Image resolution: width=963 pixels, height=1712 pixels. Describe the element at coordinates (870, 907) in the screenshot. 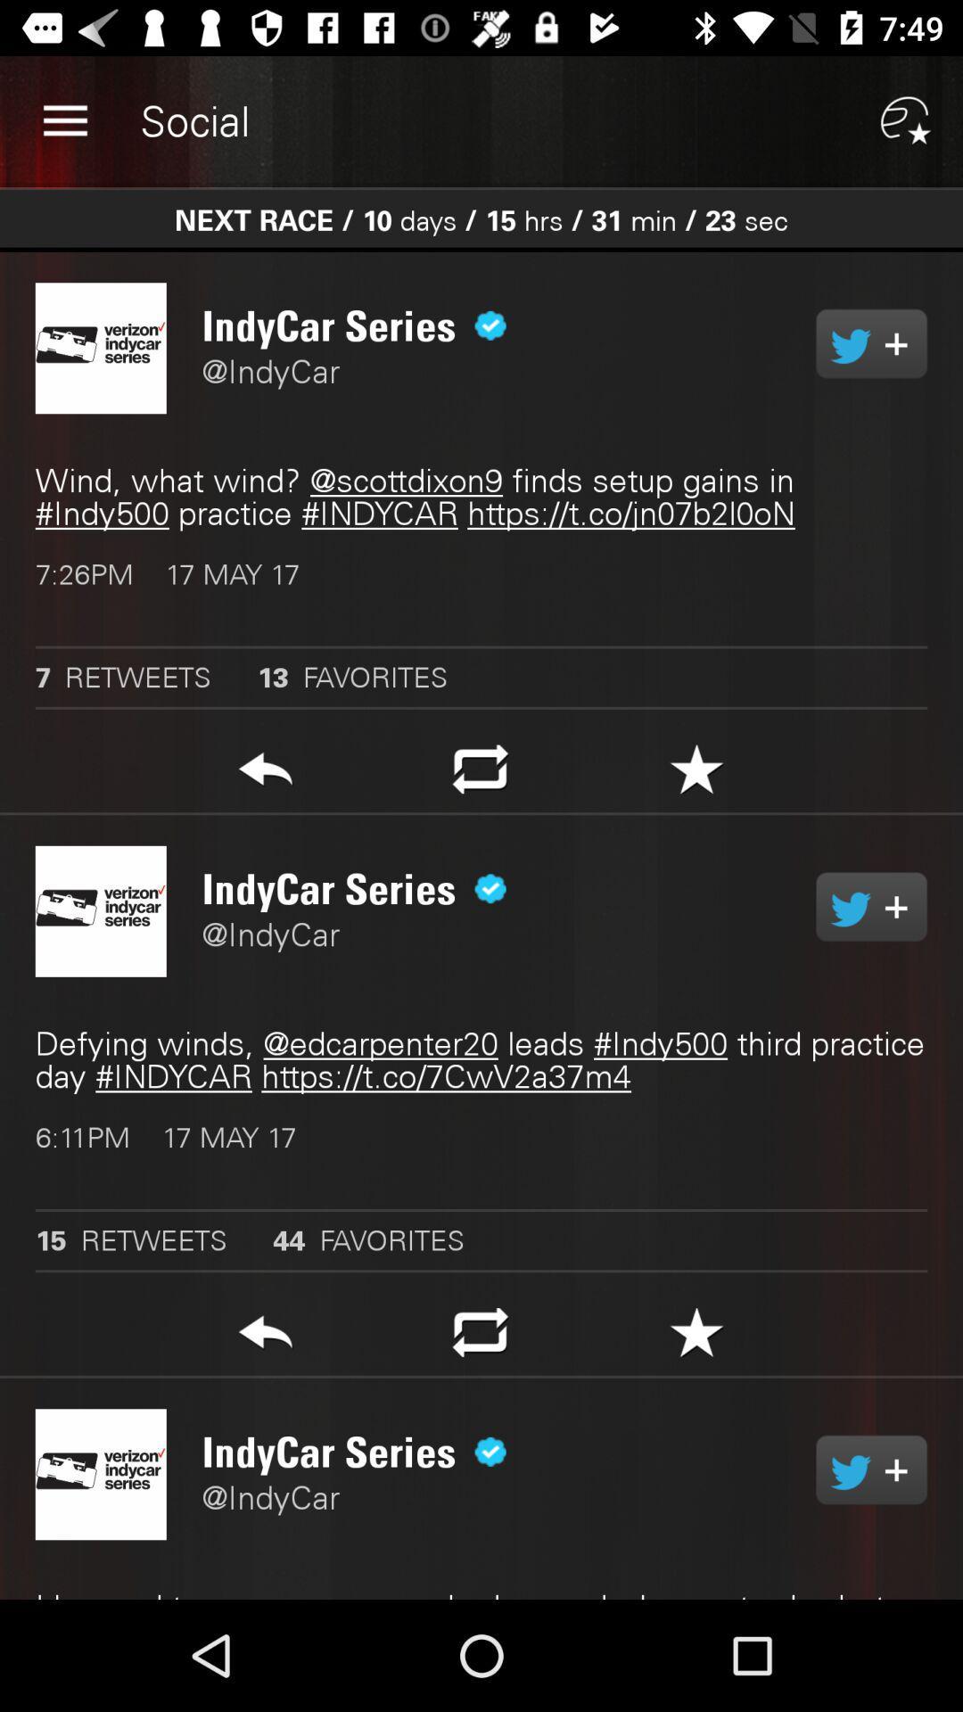

I see `switch autoplay option` at that location.